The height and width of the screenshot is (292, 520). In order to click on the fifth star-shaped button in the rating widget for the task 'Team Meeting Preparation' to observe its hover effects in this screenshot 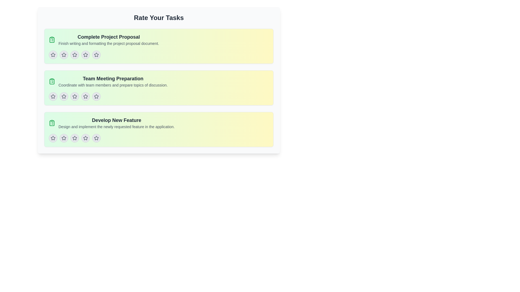, I will do `click(96, 96)`.